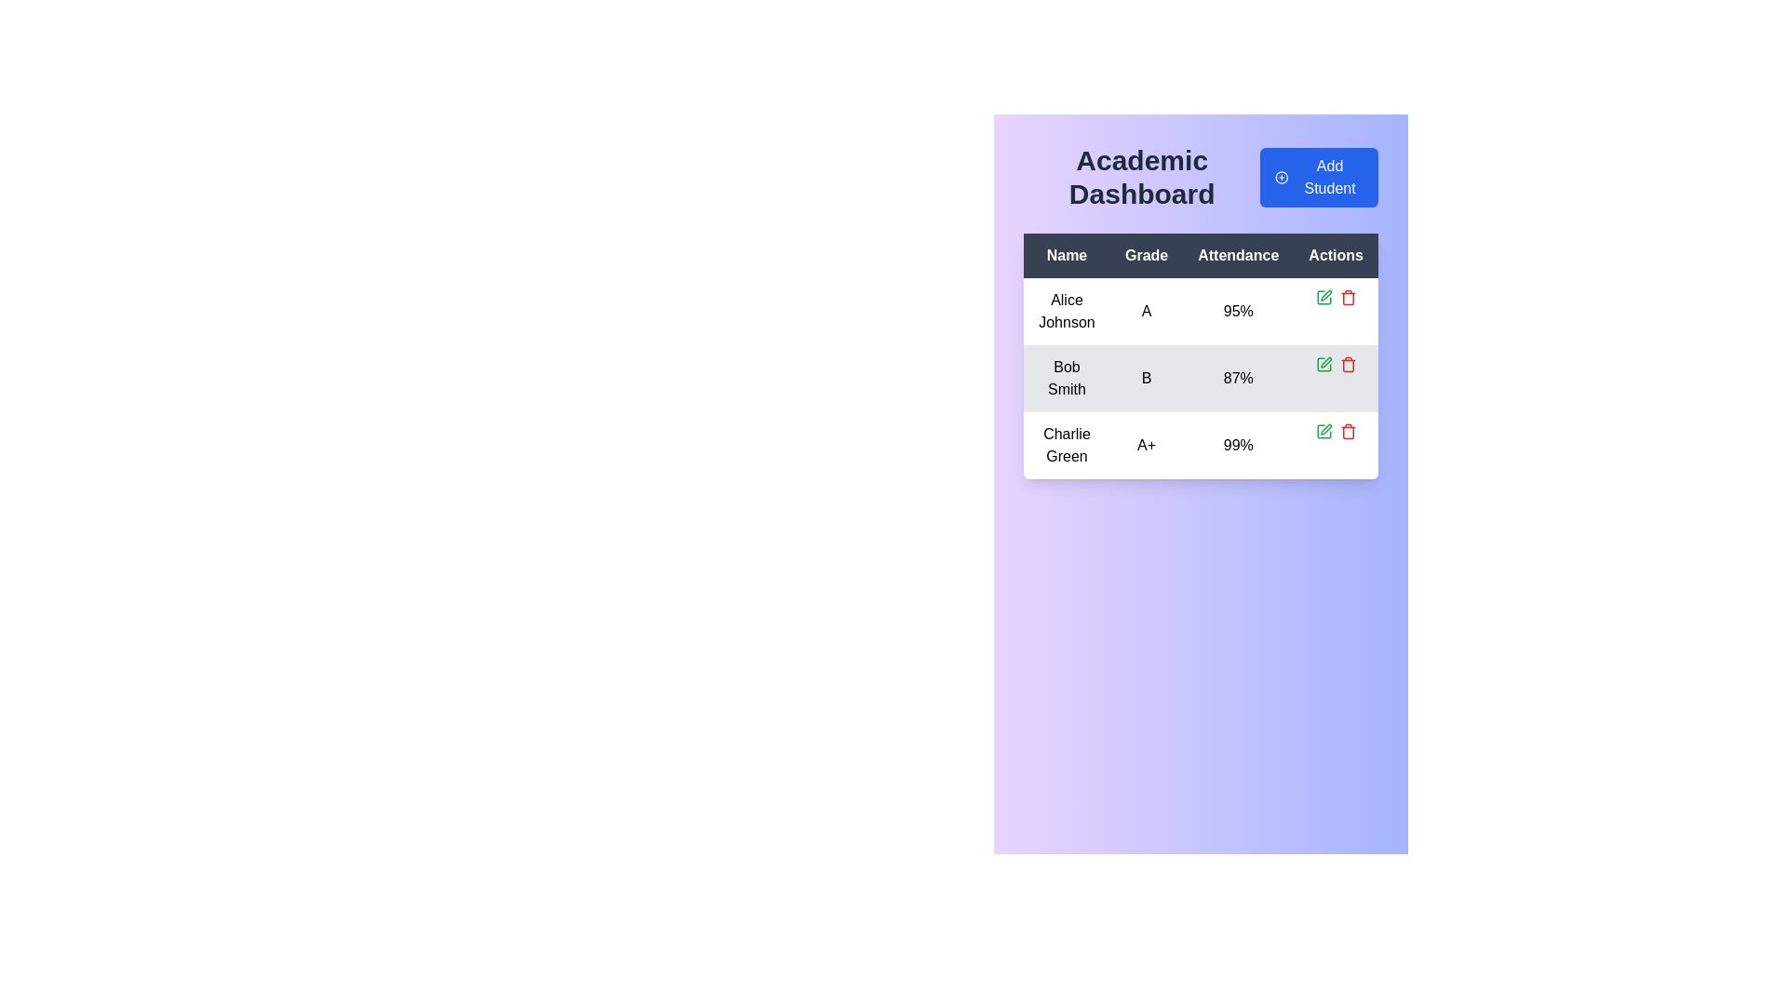  Describe the element at coordinates (1141, 178) in the screenshot. I see `the text label 'Academic Dashboard' which is prominently displayed at the top of the page in a large, bold font` at that location.